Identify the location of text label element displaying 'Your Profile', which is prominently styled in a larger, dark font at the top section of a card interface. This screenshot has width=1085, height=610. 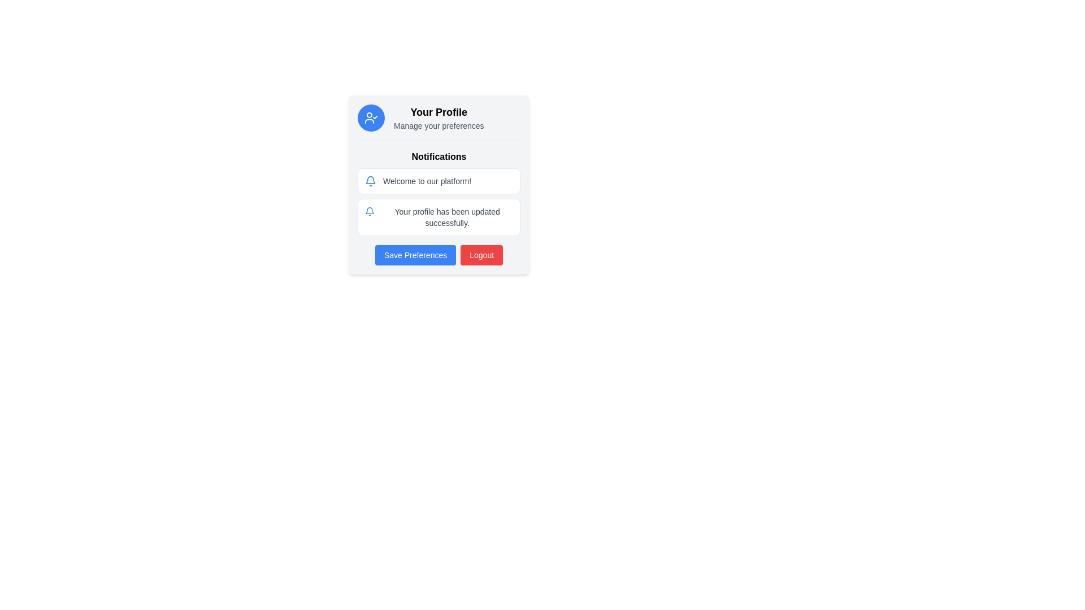
(438, 112).